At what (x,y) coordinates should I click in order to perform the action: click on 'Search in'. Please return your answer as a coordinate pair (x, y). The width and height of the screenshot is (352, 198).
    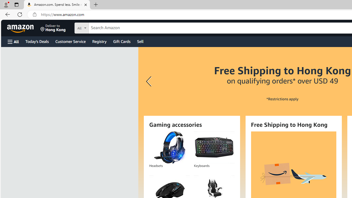
    Looking at the image, I should click on (102, 27).